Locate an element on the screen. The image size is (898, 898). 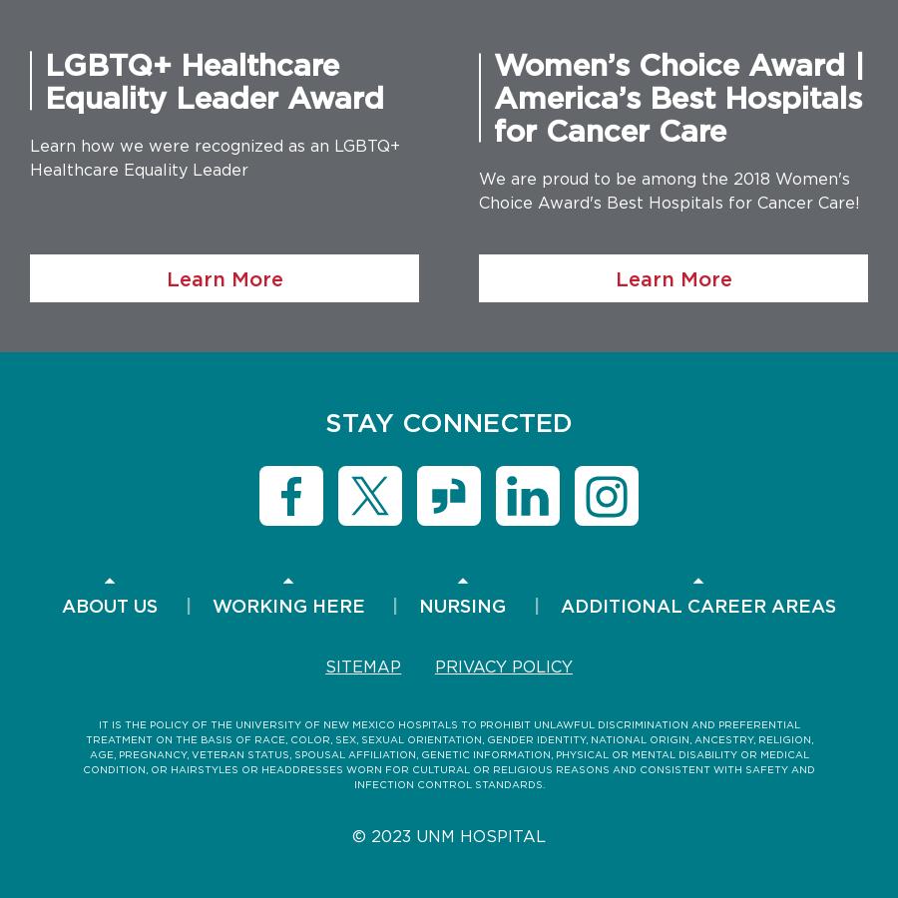
'Women’s Choice Award | America’s Best Hospitals for Cancer Care' is located at coordinates (493, 96).